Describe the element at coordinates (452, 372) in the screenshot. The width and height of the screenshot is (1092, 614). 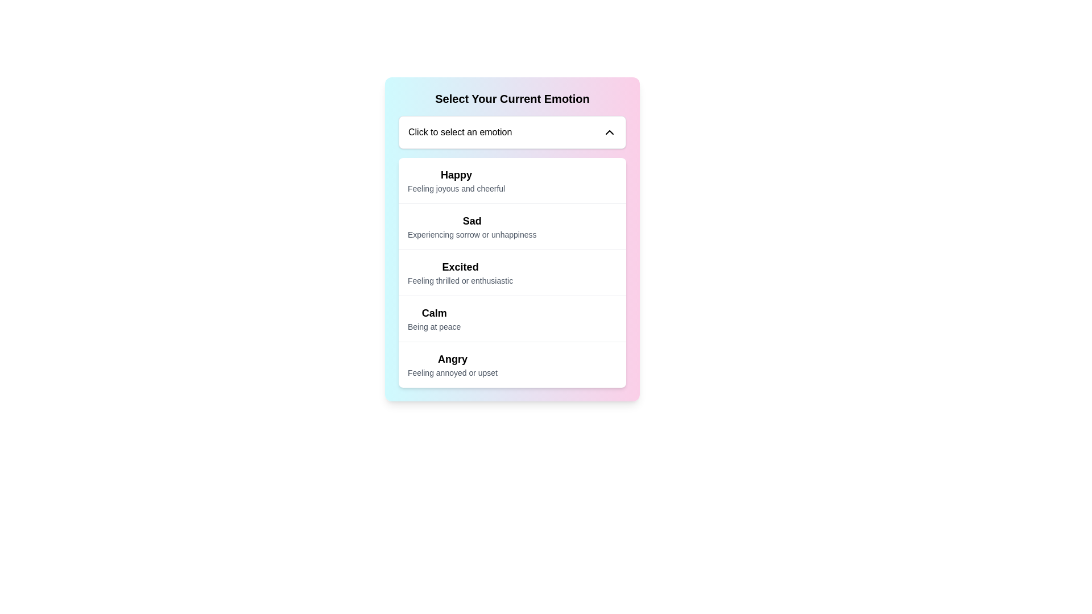
I see `the static text providing additional information about the emotion 'Angry' located under the 'Angry' emotion title` at that location.